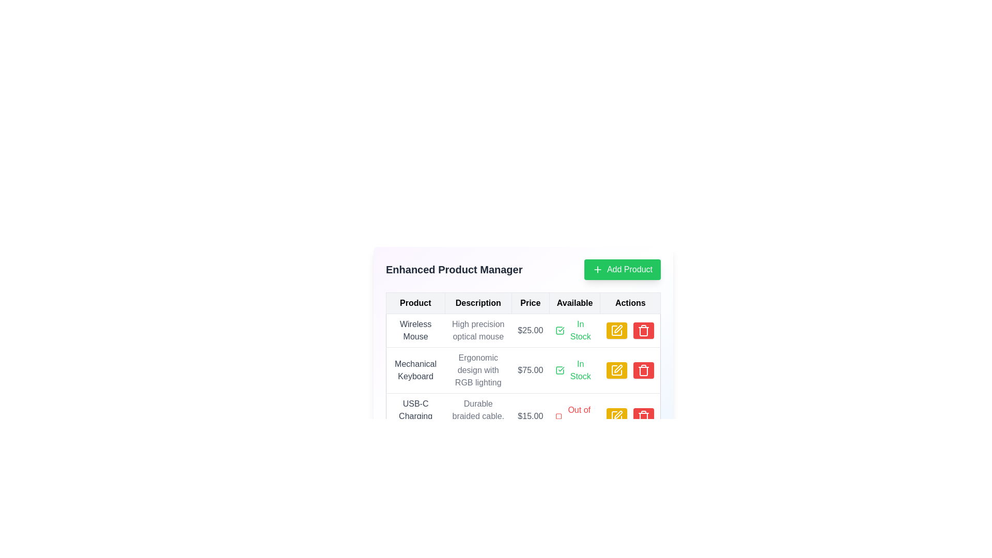  I want to click on the table header label, which is the fifth item in the header row, indicating action-related options for the column below, so click(630, 302).